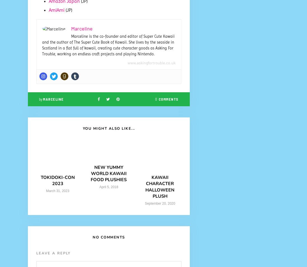  Describe the element at coordinates (159, 186) in the screenshot. I see `'Kawaii Character Halloween Plush'` at that location.